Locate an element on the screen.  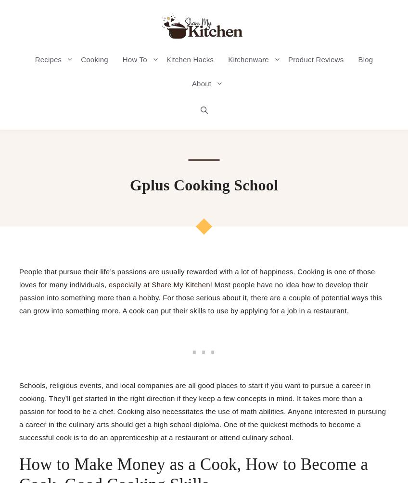
'! Most people have no idea how to develop their passion into something more than a hobby. For those serious about it, there are a couple of potential ways this can grow into something more. A cook can put their skills to use by applying for a job in a restaurant.' is located at coordinates (200, 297).